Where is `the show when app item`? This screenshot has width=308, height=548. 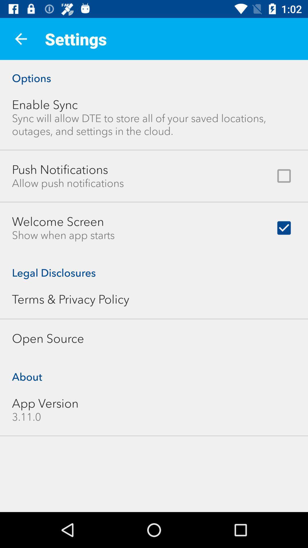
the show when app item is located at coordinates (63, 235).